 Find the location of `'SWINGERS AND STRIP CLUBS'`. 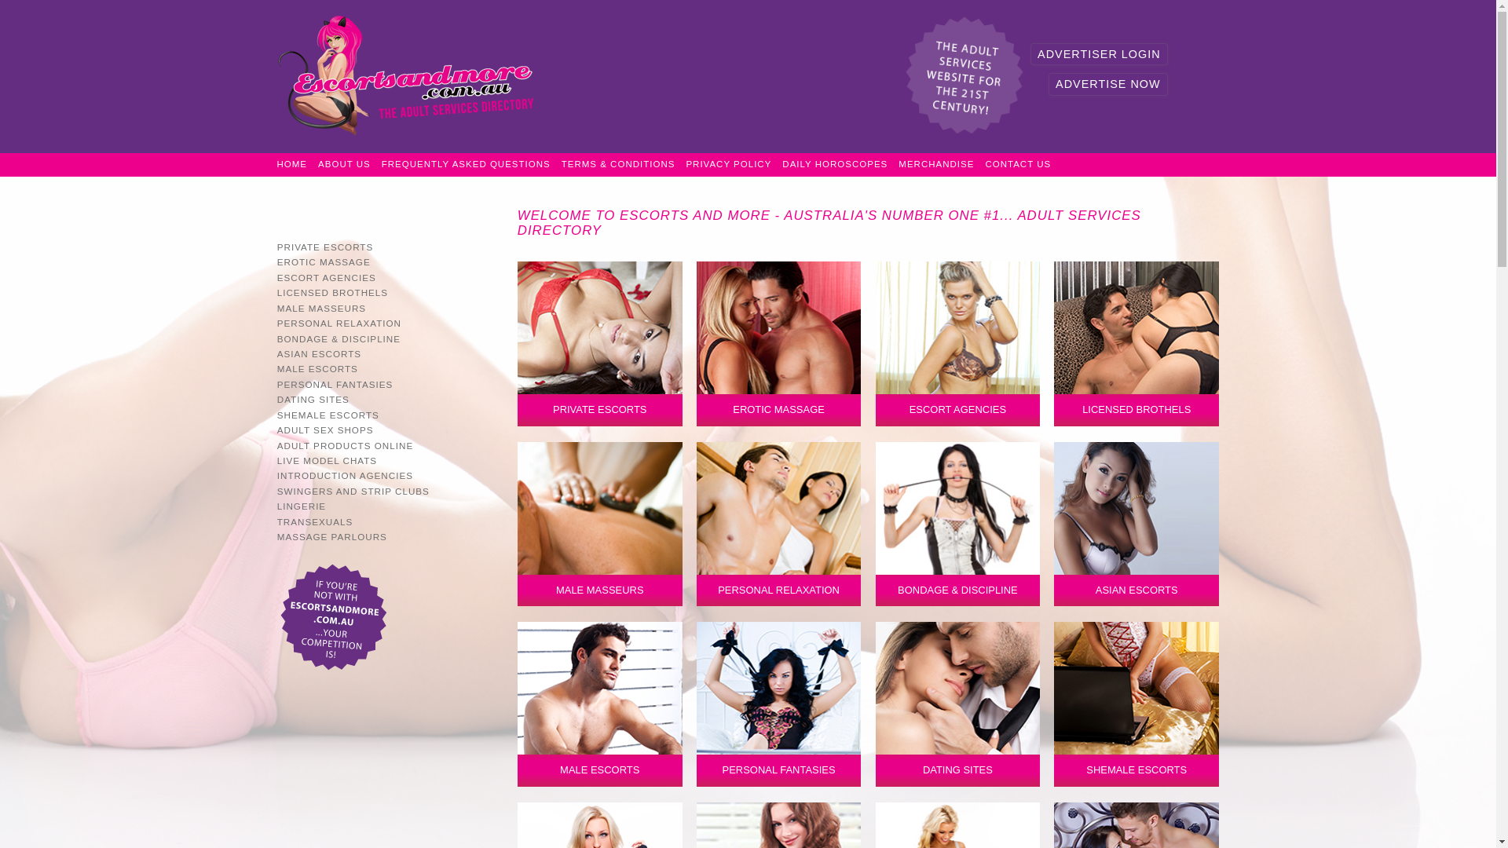

'SWINGERS AND STRIP CLUBS' is located at coordinates (388, 490).